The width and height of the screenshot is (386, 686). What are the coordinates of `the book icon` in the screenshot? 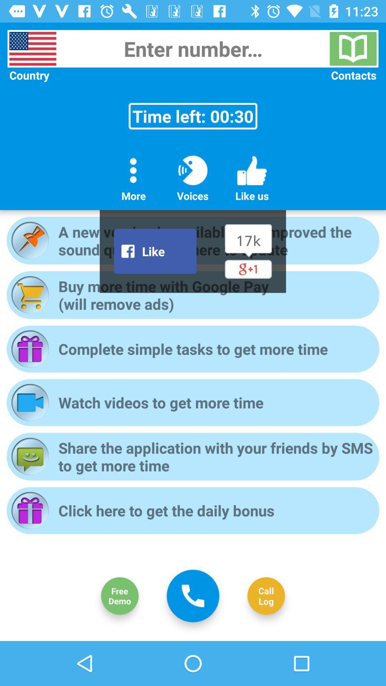 It's located at (353, 48).